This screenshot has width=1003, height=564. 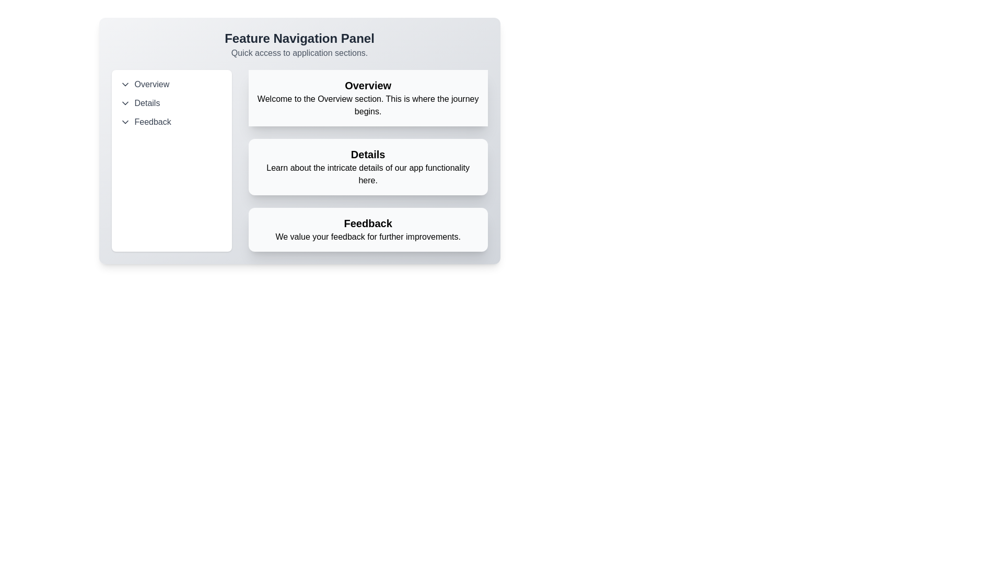 I want to click on the chevron icon that toggles the dropdown menu associated with the 'Overview' section, so click(x=125, y=84).